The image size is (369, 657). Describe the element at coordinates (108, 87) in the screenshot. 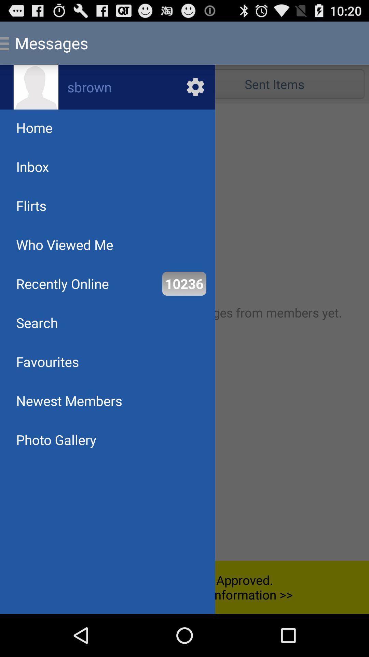

I see `profile setting` at that location.